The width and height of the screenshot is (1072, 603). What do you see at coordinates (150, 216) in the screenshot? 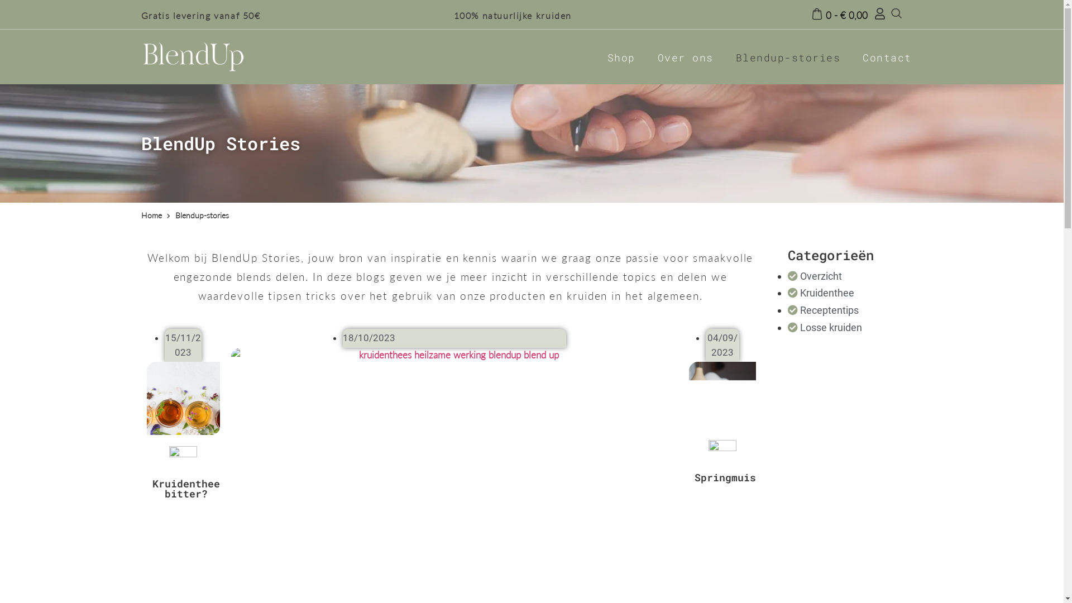
I see `'Home'` at bounding box center [150, 216].